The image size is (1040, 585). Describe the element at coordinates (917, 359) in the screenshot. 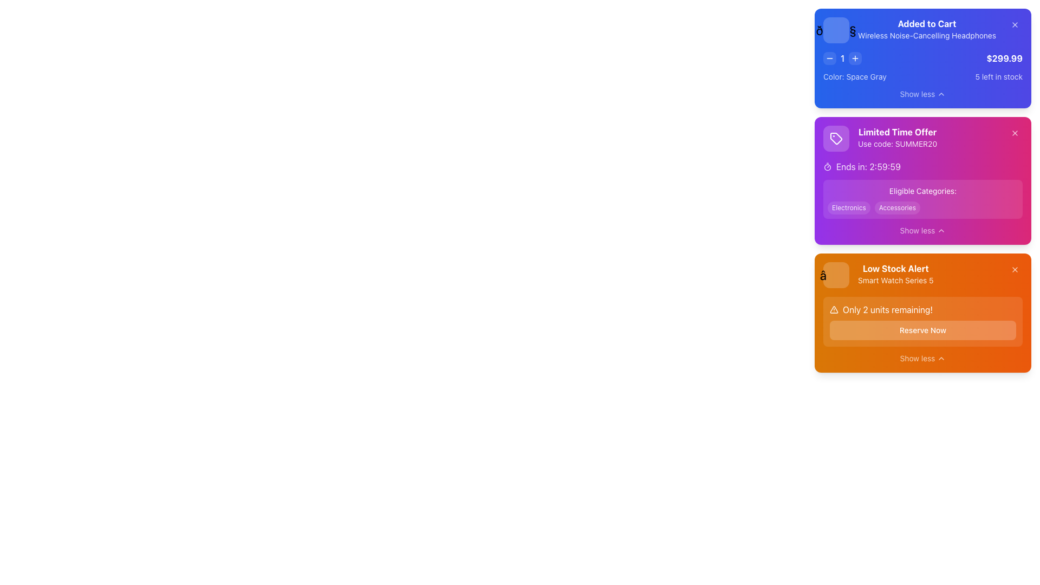

I see `the button located in the orange notification panel at the bottom of the layout` at that location.